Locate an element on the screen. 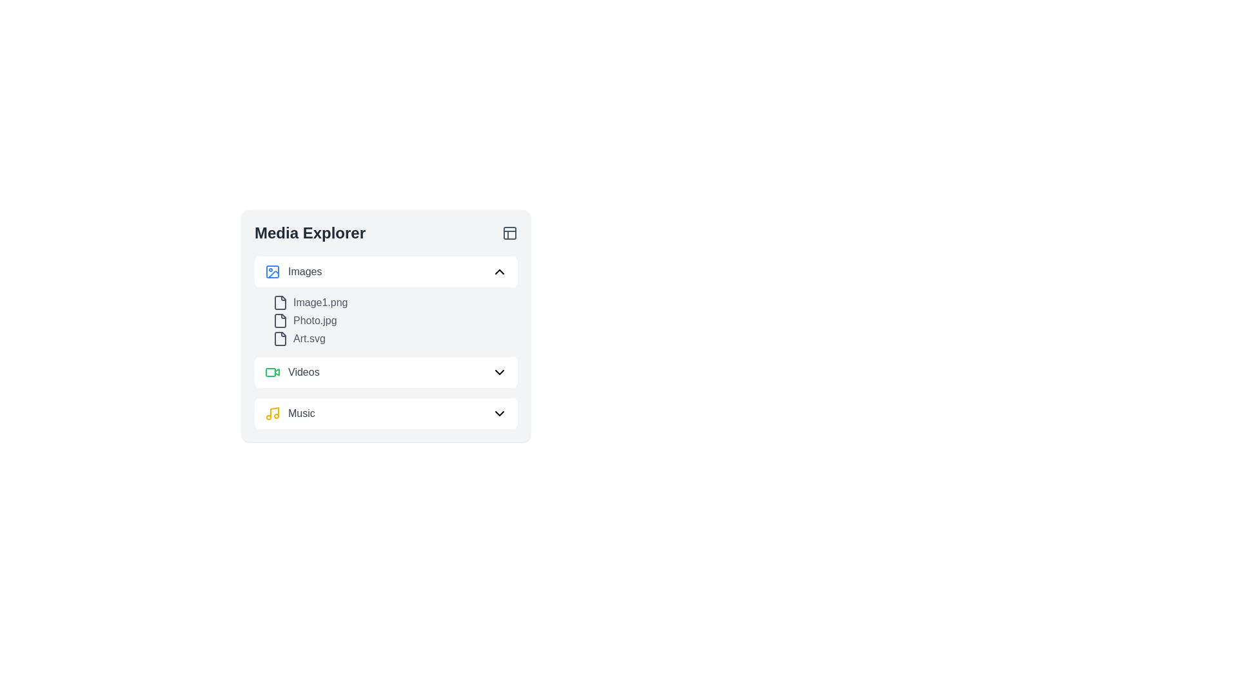  the Document icon representing a file, which is a small icon with an outlined design and a folded top-right corner, located to the left of the text 'Photo.jpg' in the 'Media Explorer' panel is located at coordinates (280, 320).